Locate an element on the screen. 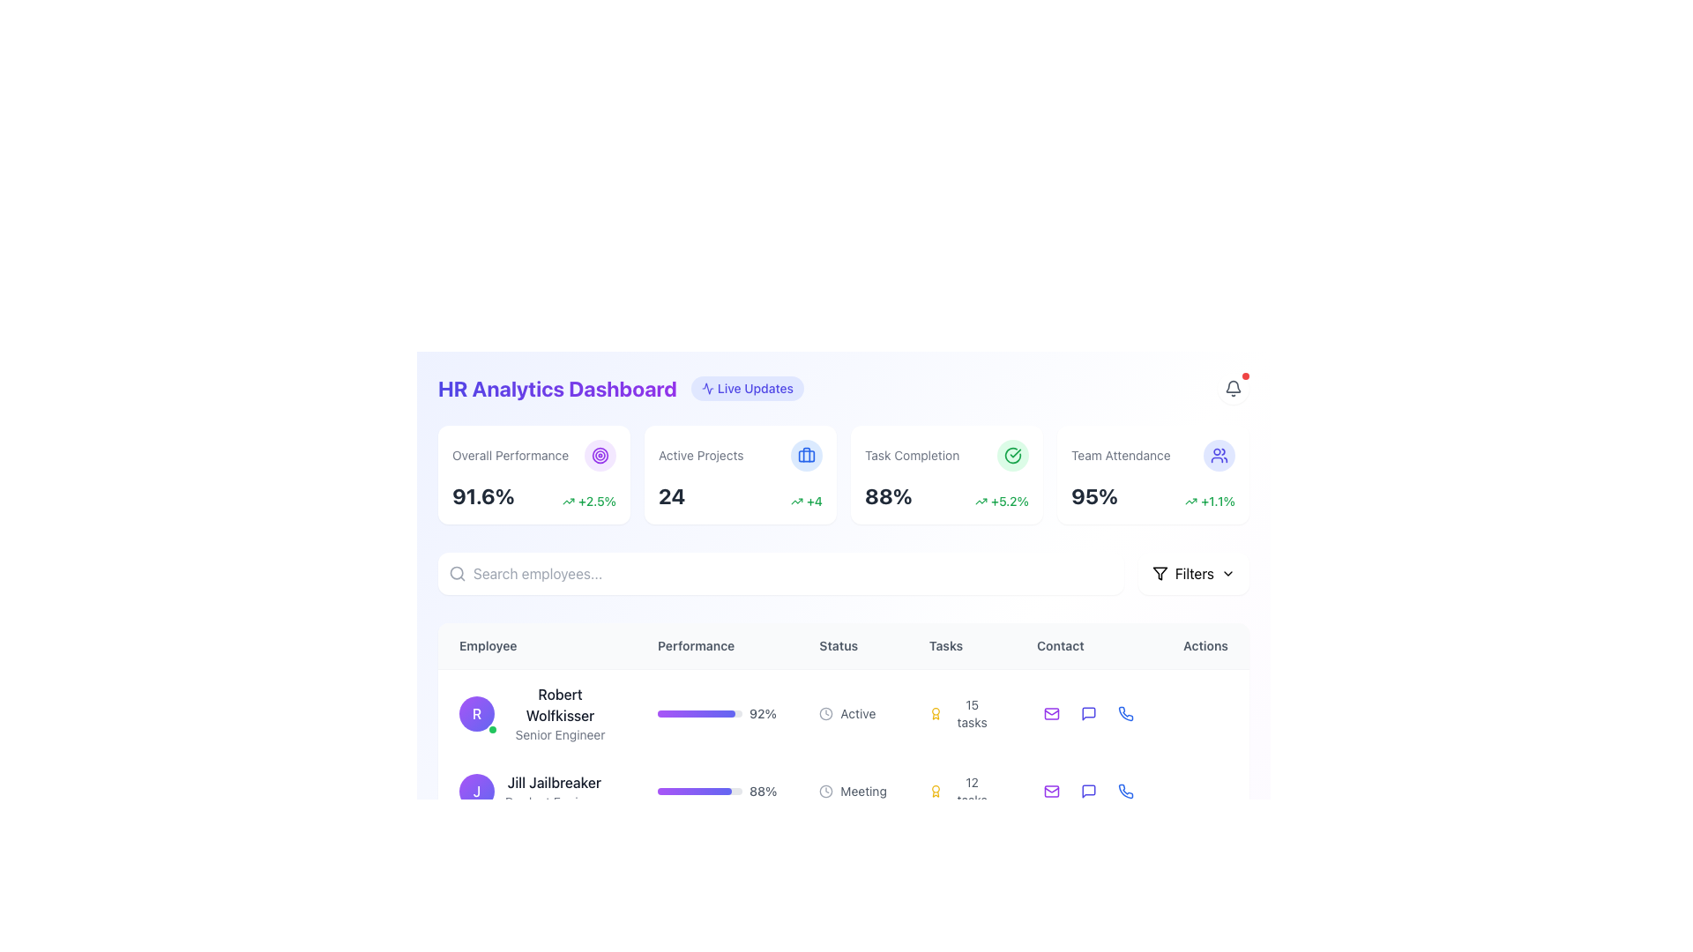 The width and height of the screenshot is (1693, 952). the text label indicating the job title of the individual below 'Robert Wolfkisser' in the 'Employee' column of the dashboard interface is located at coordinates (559, 734).